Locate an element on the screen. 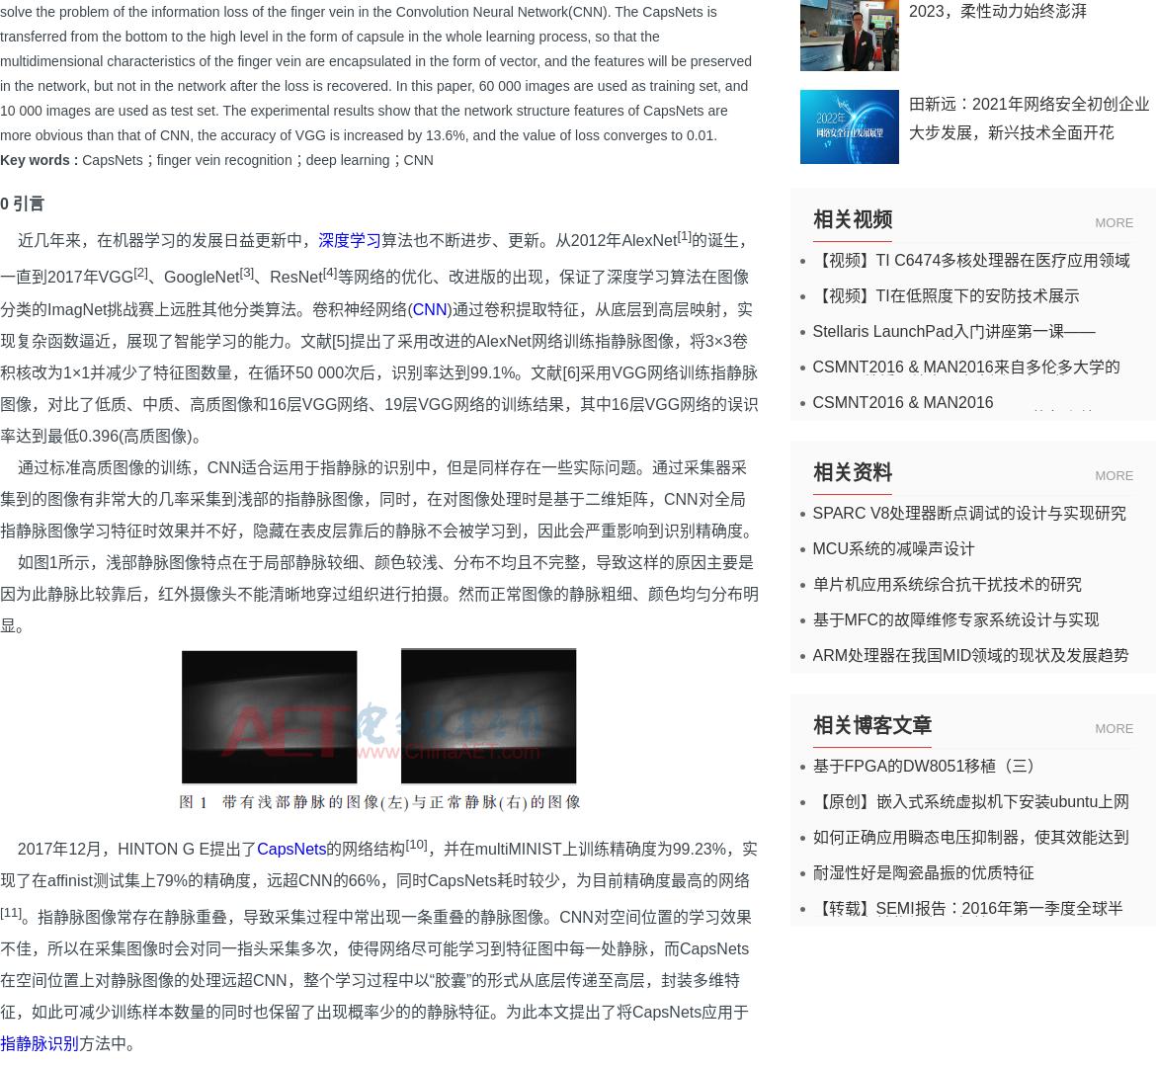  '田新远：2021年网络安全初创企业大步发展，新兴技术全面开花' is located at coordinates (1029, 118).